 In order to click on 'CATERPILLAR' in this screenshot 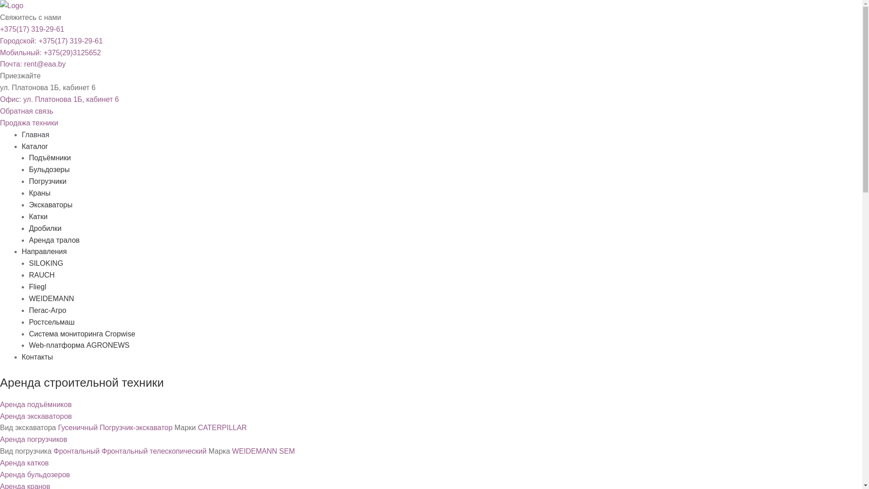, I will do `click(222, 427)`.